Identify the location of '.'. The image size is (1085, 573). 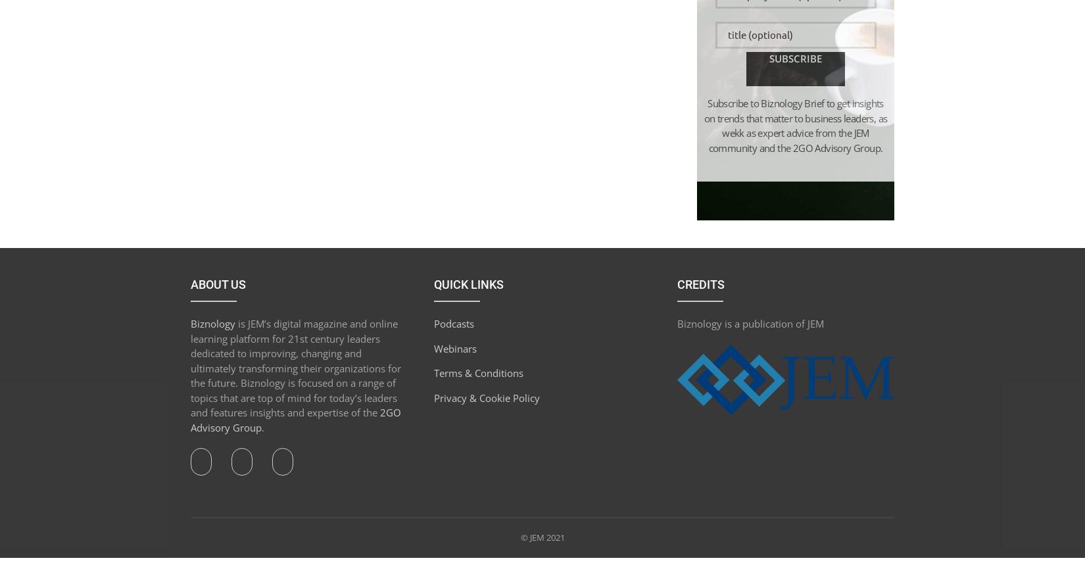
(262, 426).